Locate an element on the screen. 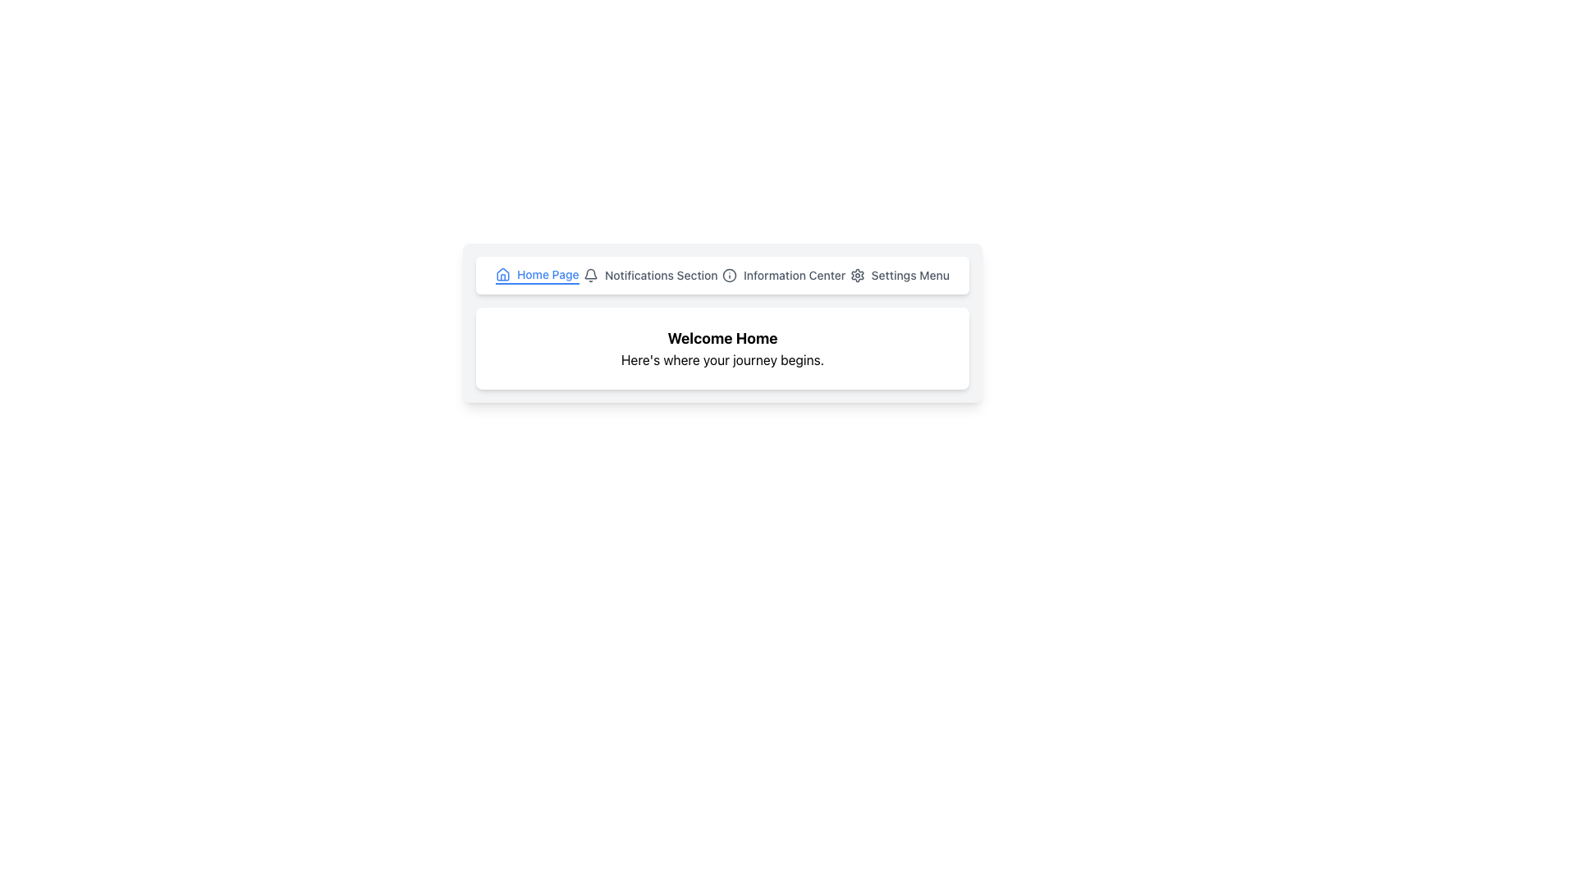 The image size is (1576, 886). the bell icon, which is a line-drawn shape with a rounded top and slightly flared bottom, located to the right of the 'Home Page' text link in the navigation bar is located at coordinates (591, 273).